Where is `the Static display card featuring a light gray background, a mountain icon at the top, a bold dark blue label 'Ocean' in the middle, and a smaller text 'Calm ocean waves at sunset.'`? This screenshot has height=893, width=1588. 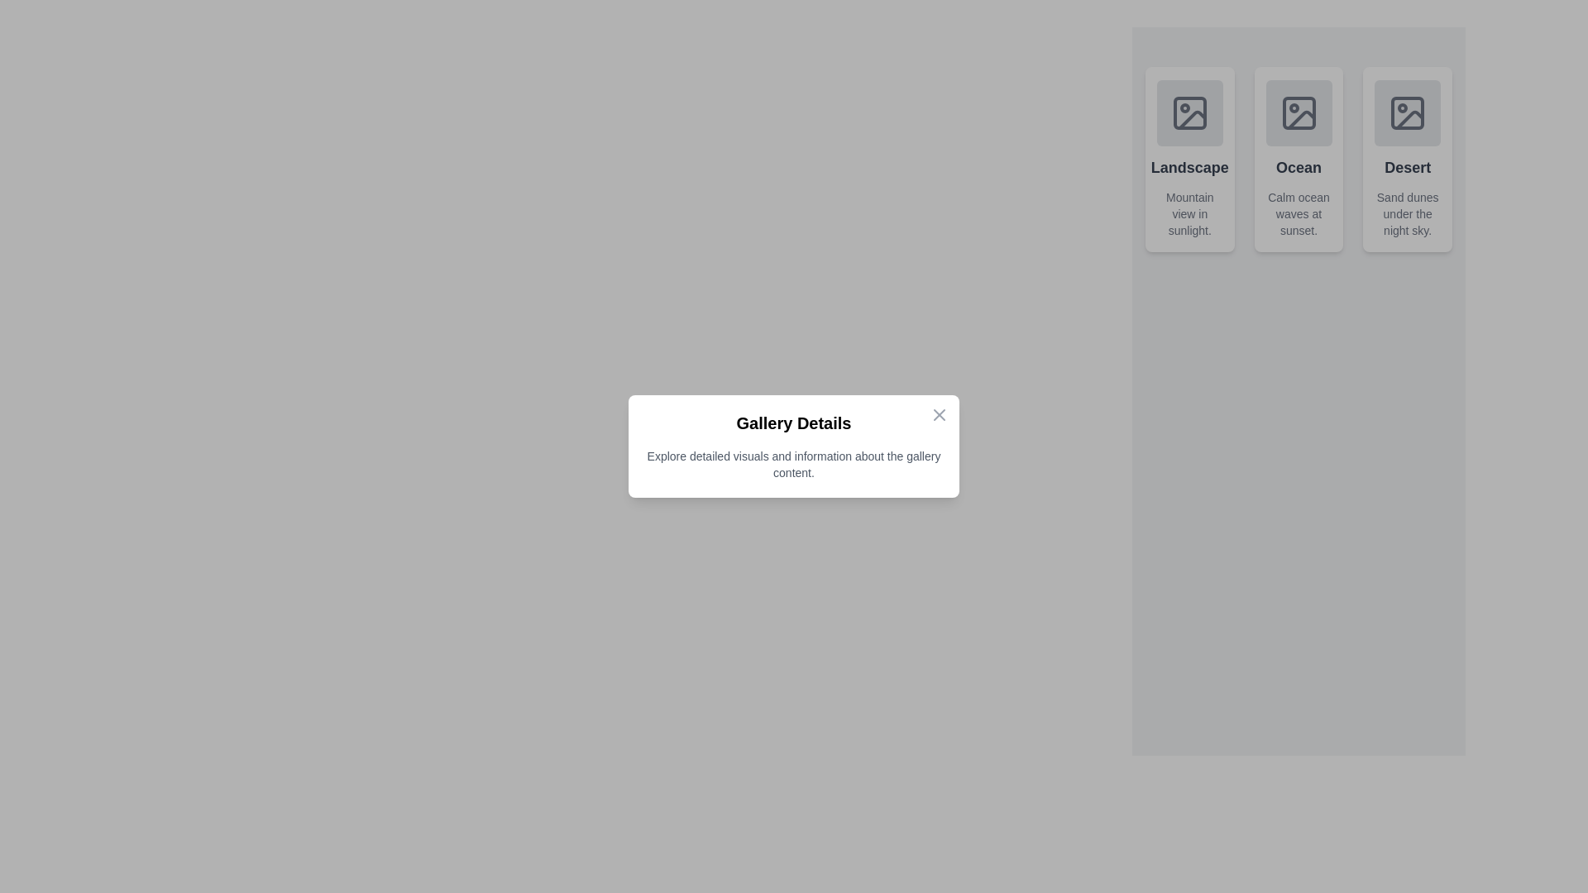 the Static display card featuring a light gray background, a mountain icon at the top, a bold dark blue label 'Ocean' in the middle, and a smaller text 'Calm ocean waves at sunset.' is located at coordinates (1298, 159).